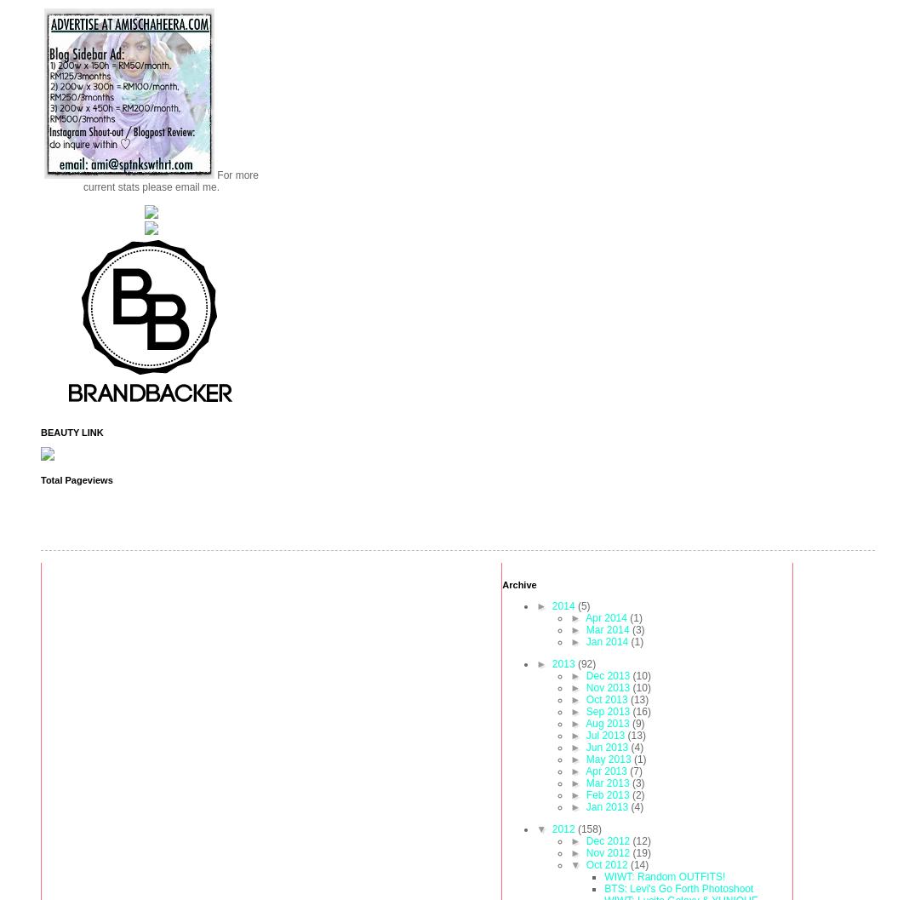 This screenshot has width=909, height=900. I want to click on 'WIWT: Random OUTFITS!', so click(665, 874).